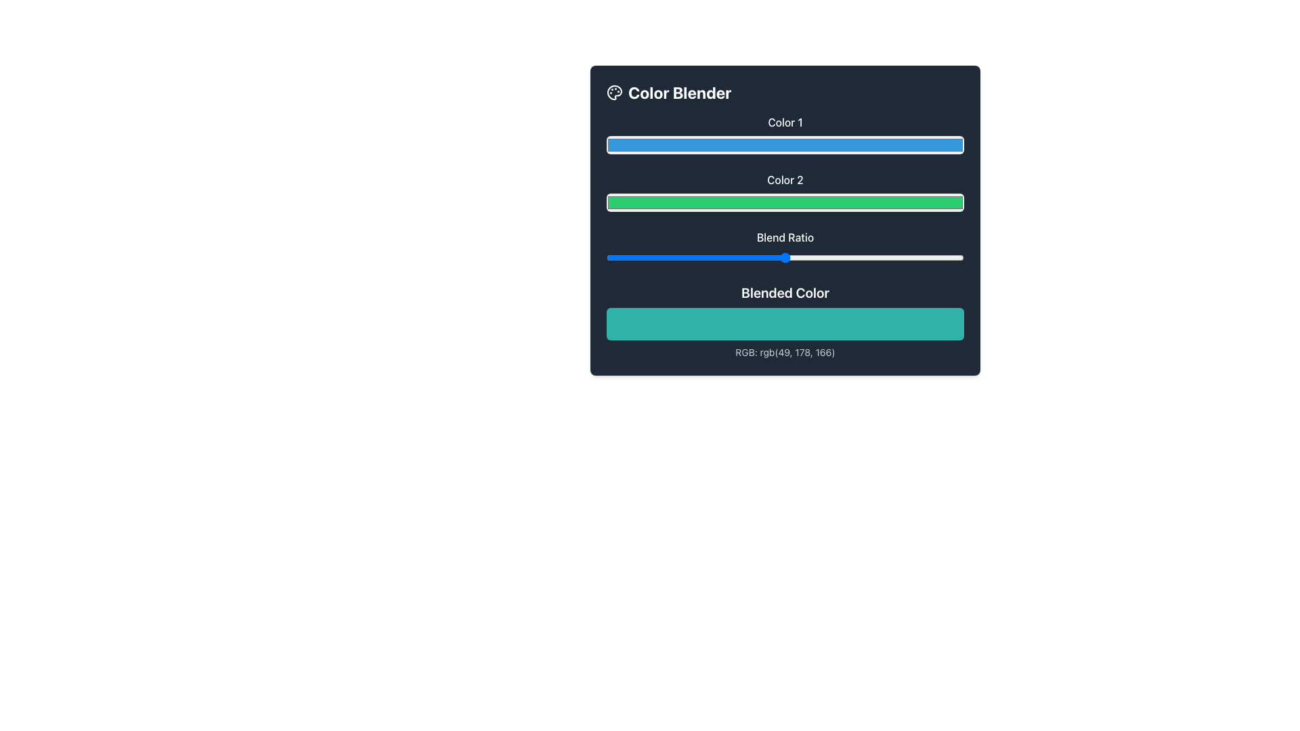 Image resolution: width=1300 pixels, height=731 pixels. What do you see at coordinates (796, 258) in the screenshot?
I see `the Blend Ratio slider` at bounding box center [796, 258].